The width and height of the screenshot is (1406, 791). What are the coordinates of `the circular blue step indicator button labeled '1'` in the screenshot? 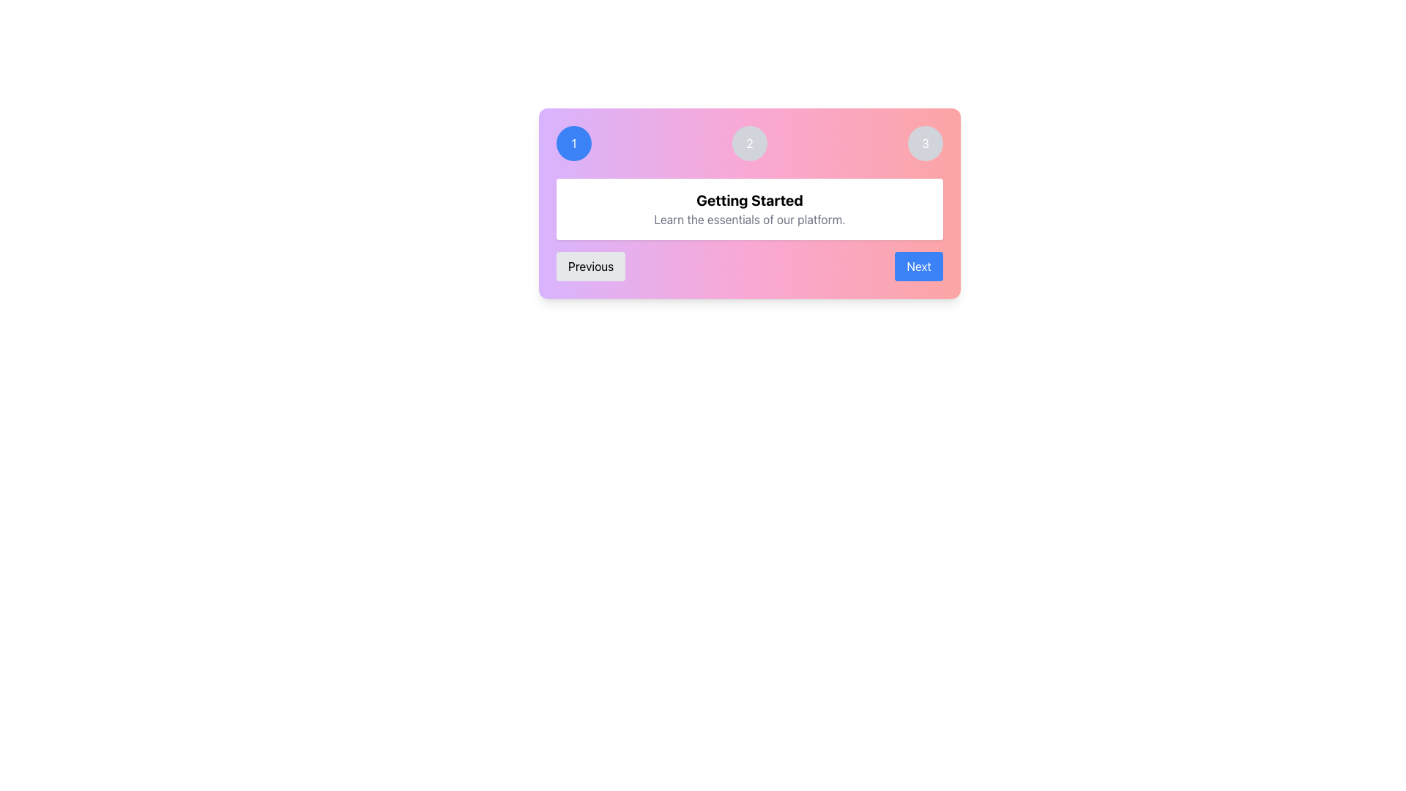 It's located at (573, 144).